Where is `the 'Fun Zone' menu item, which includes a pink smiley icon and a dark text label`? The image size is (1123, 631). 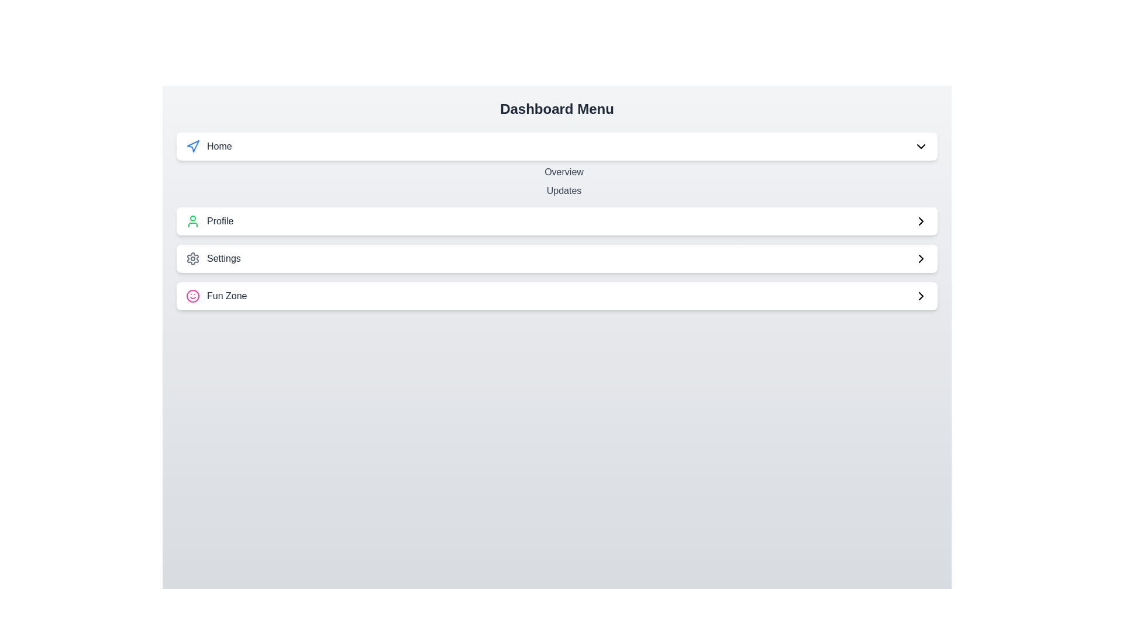 the 'Fun Zone' menu item, which includes a pink smiley icon and a dark text label is located at coordinates (216, 295).